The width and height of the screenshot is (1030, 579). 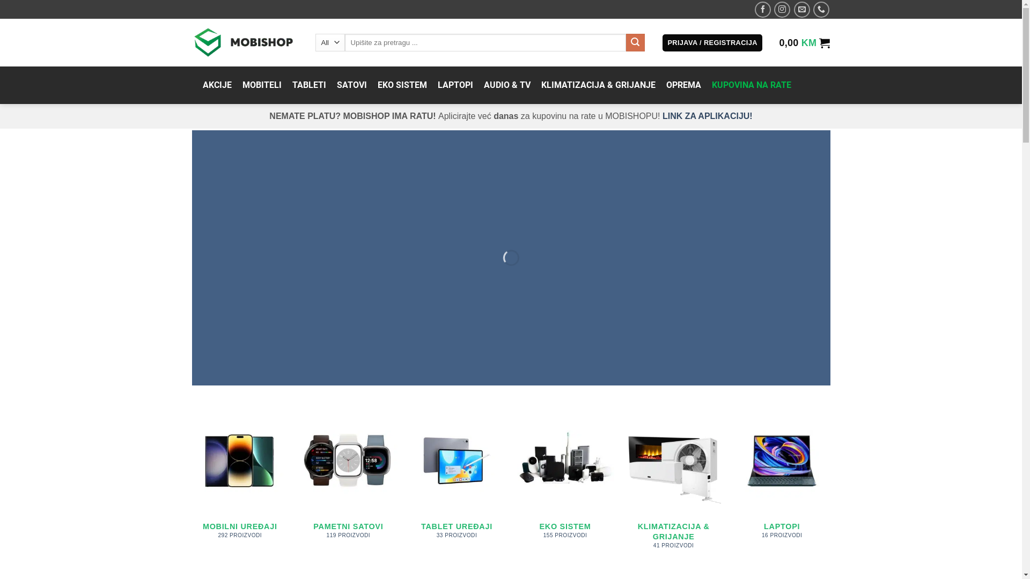 What do you see at coordinates (348, 479) in the screenshot?
I see `'PAMETNI SATOVI` at bounding box center [348, 479].